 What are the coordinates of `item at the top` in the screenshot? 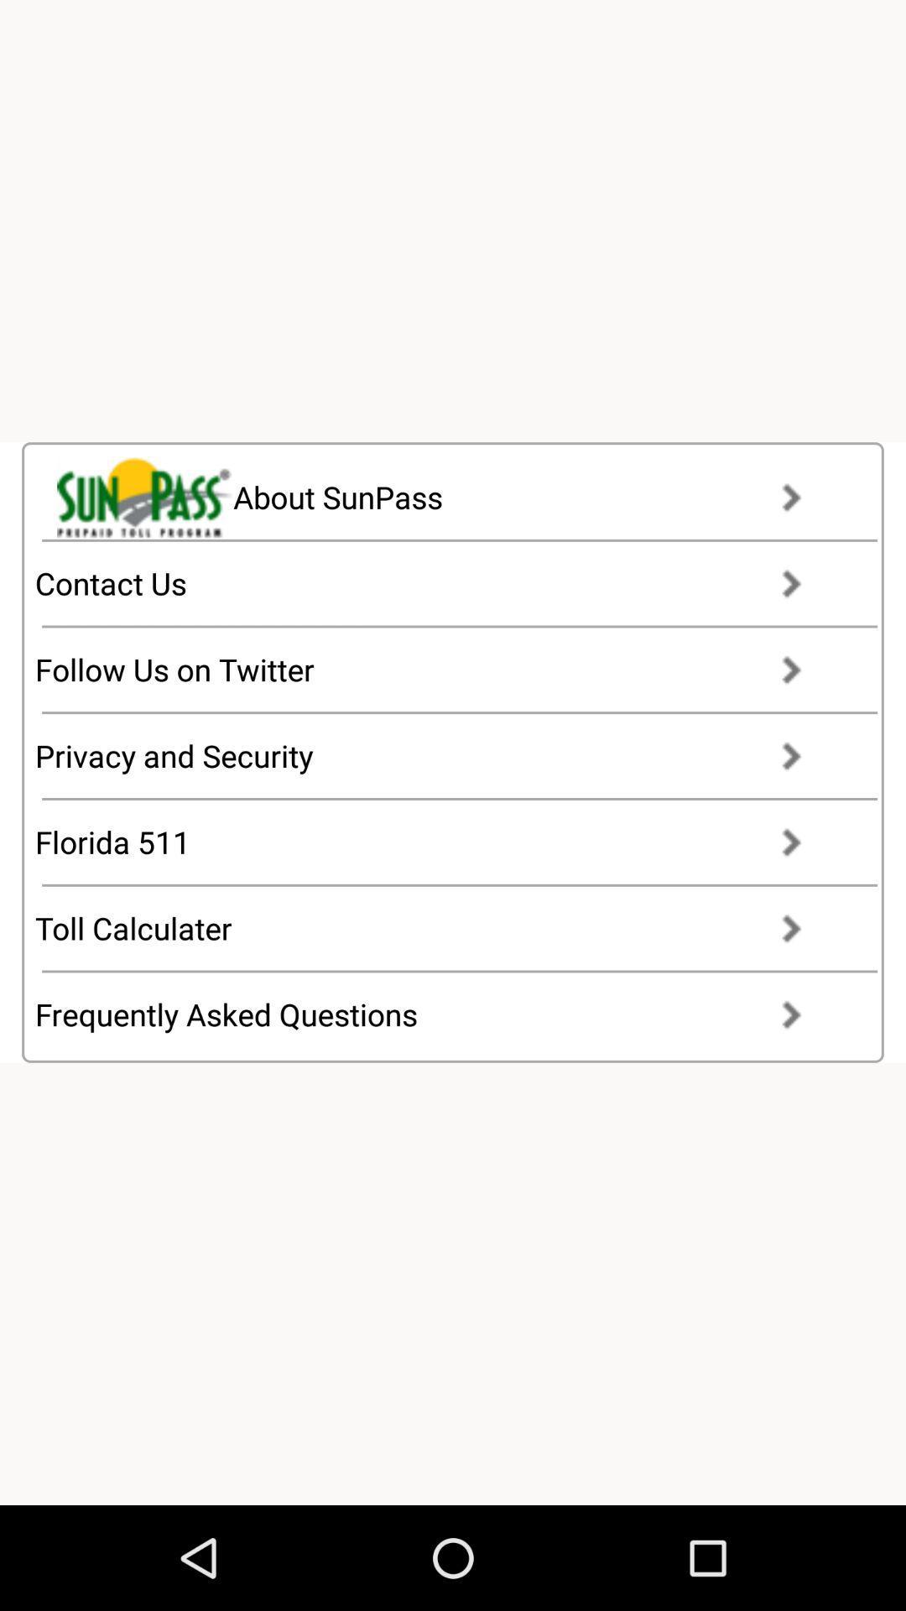 It's located at (445, 496).